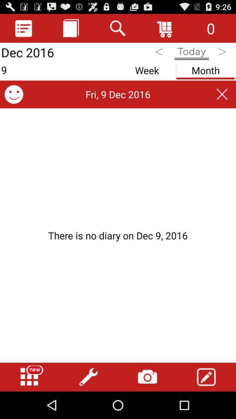  What do you see at coordinates (165, 28) in the screenshot?
I see `icon to the left of the 0 icon` at bounding box center [165, 28].